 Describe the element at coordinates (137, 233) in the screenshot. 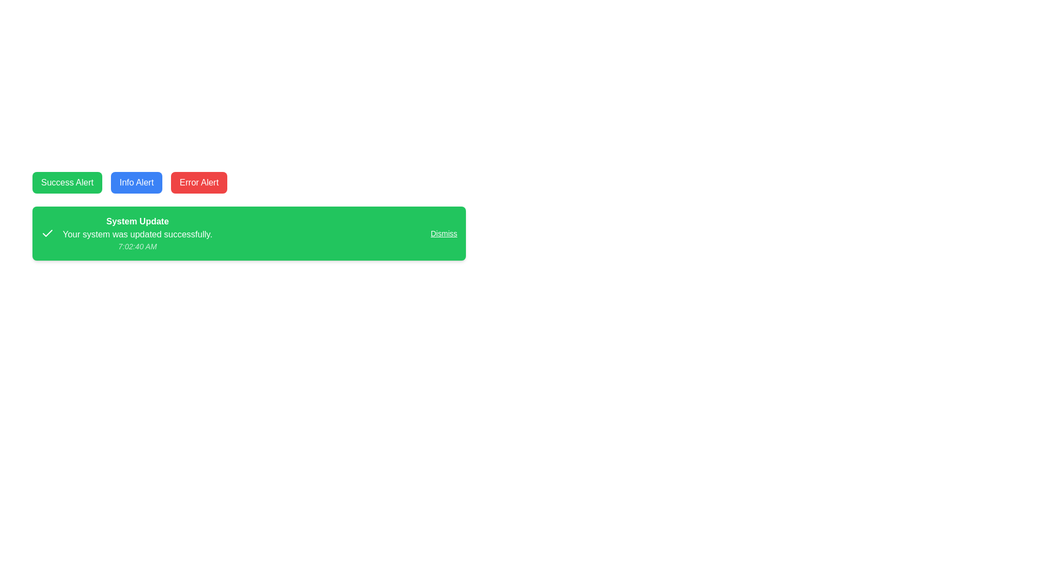

I see `the informational text block that indicates a successful system update, located in the green notification card, positioned near the left-center area, right of the checkmark icon and above the 'Dismiss' link` at that location.